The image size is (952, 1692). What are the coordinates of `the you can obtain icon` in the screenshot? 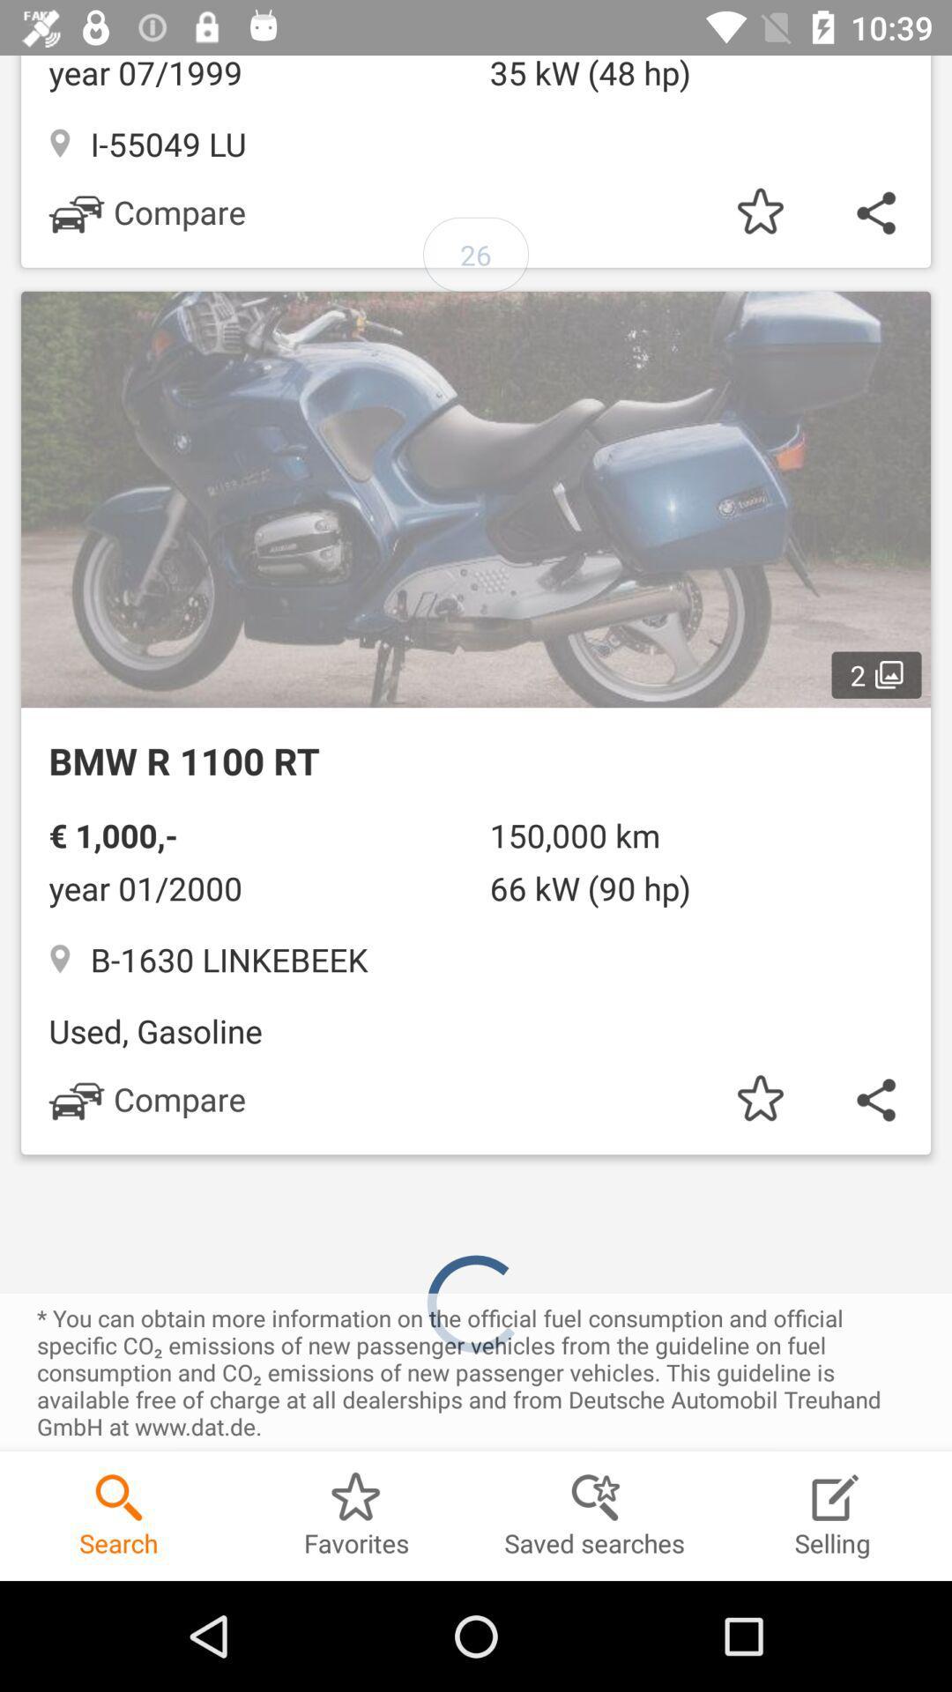 It's located at (476, 1371).